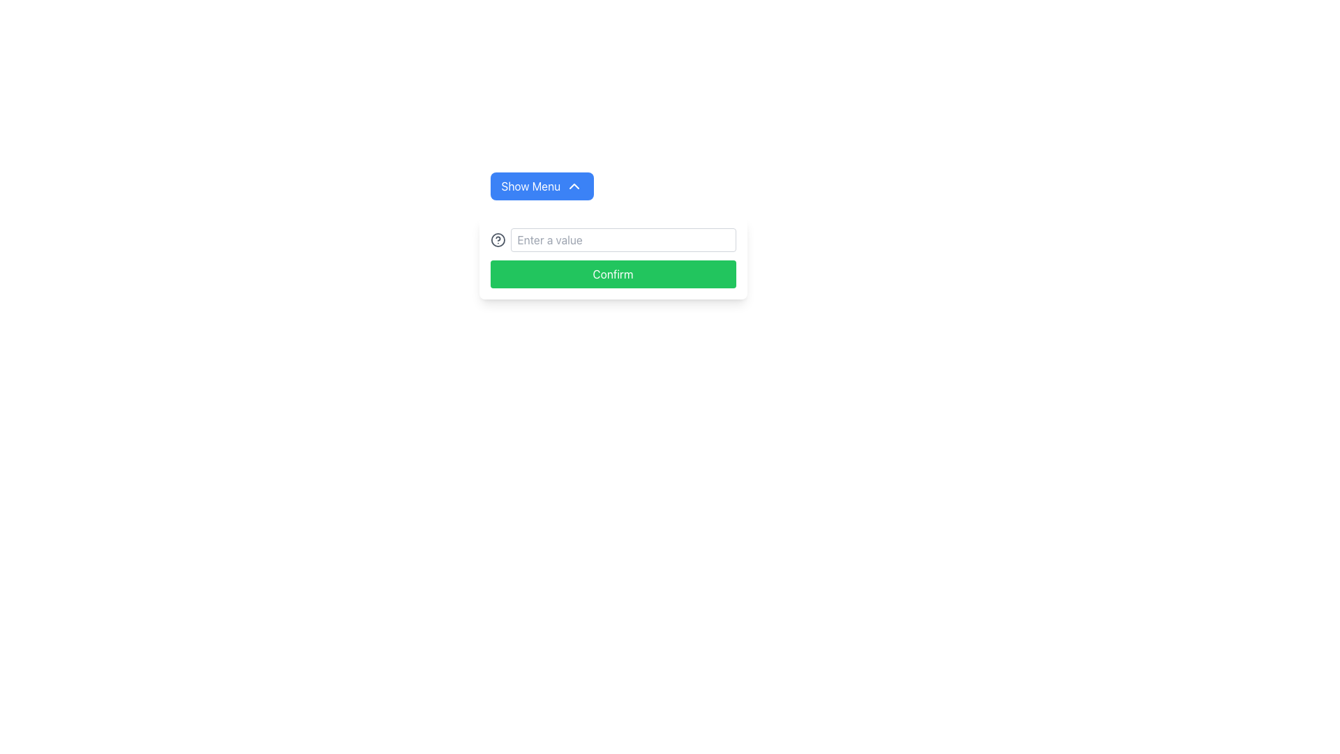 This screenshot has height=754, width=1340. I want to click on the green rectangular button labeled 'Confirm' located at the bottom of the vertically arranged group of elements to confirm an action, so click(613, 274).